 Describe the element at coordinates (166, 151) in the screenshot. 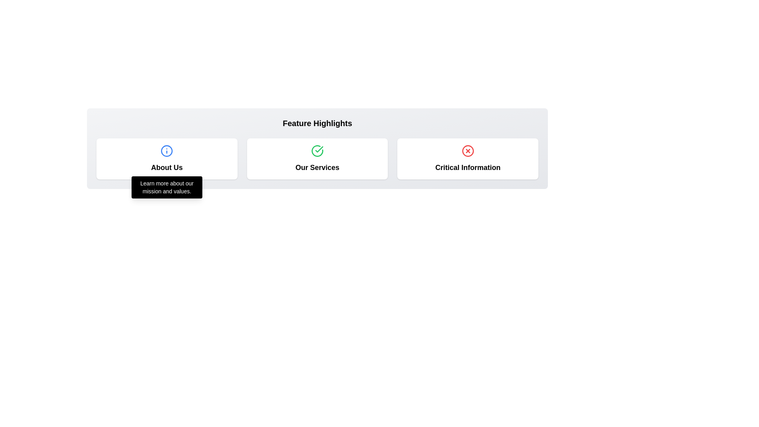

I see `the 'info' icon in the 'About Us' section` at that location.